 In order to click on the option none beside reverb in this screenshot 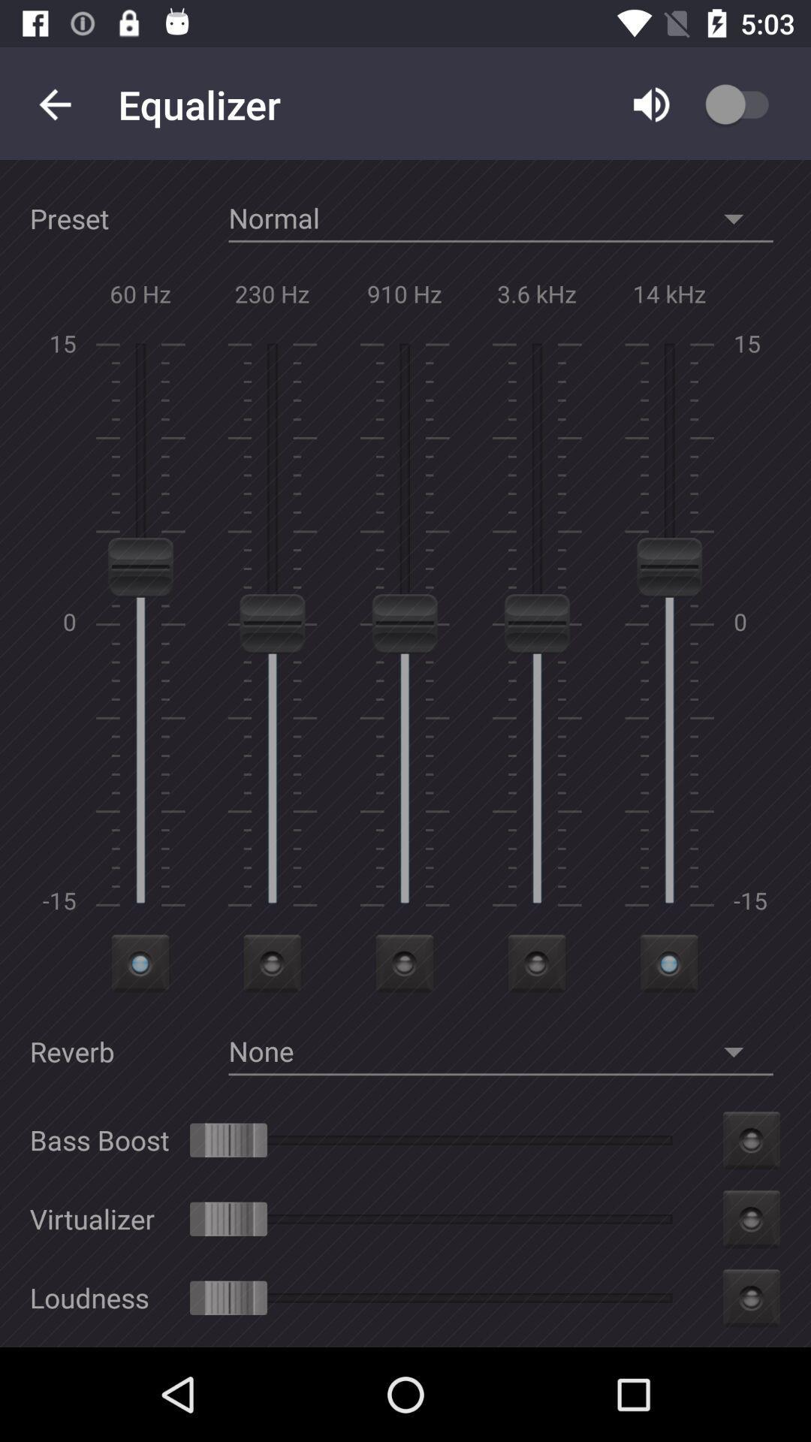, I will do `click(501, 1051)`.